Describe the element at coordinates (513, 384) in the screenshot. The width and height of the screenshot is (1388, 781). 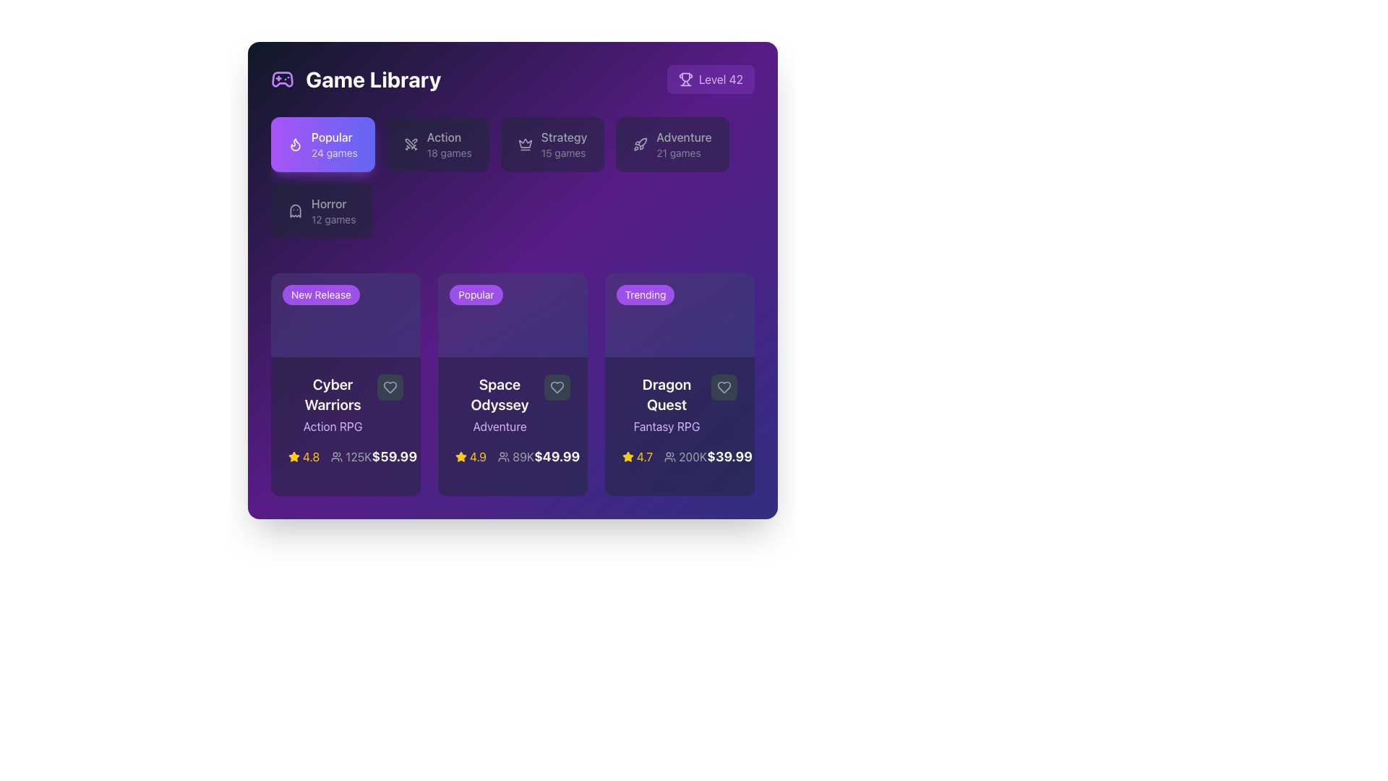
I see `a game card within the 'Game Library' grid layout` at that location.